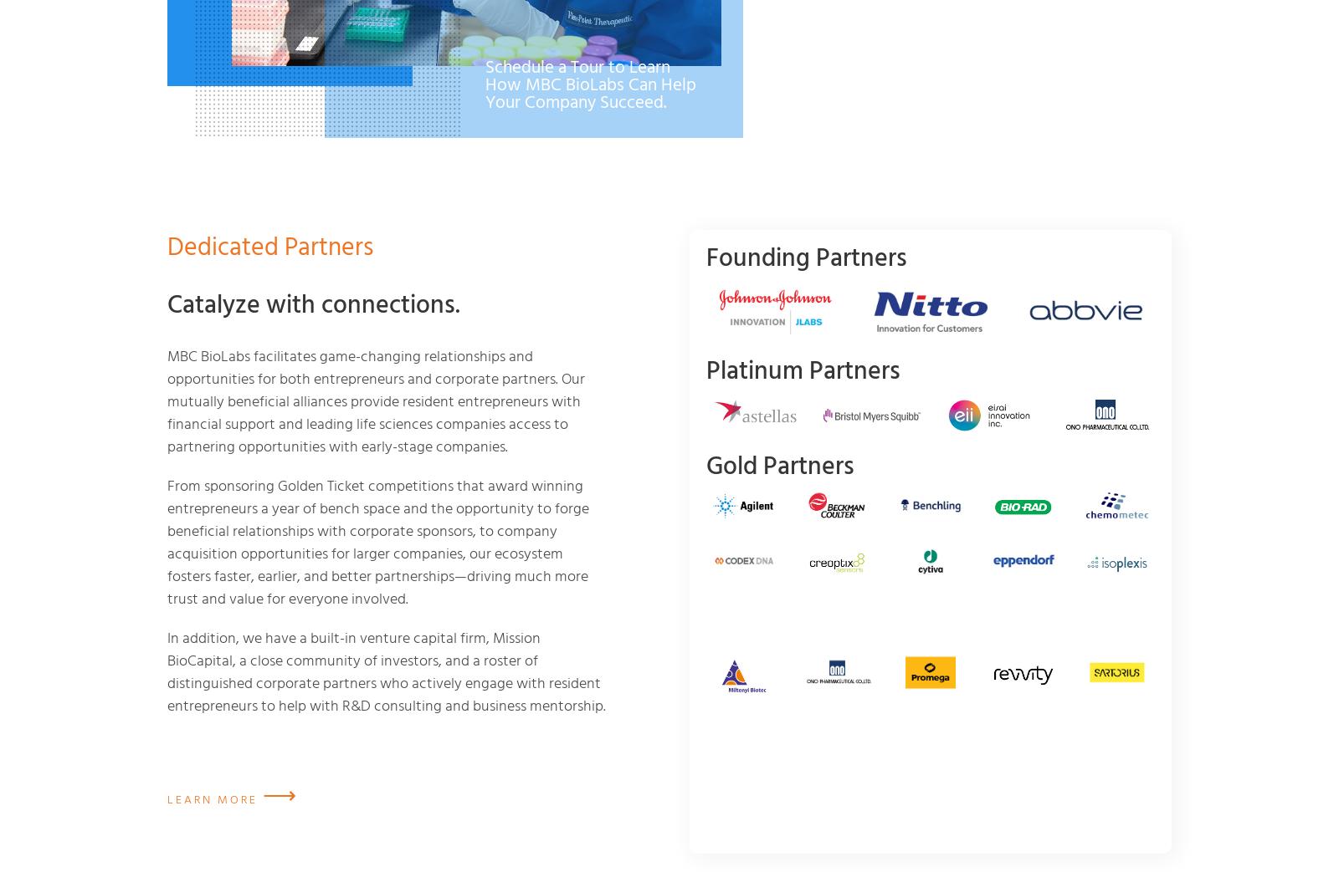  What do you see at coordinates (167, 539) in the screenshot?
I see `'From sponsoring Golden Ticket competitions that award winning entrepreneurs a year of bench space and the opportunity to forge beneficial relationships with corporate sponsors, to company acquisition opportunities for larger companies, our ecosystem fosters faster, earlier, and better partnerships—driving much more trust and value for everyone involved.'` at bounding box center [167, 539].